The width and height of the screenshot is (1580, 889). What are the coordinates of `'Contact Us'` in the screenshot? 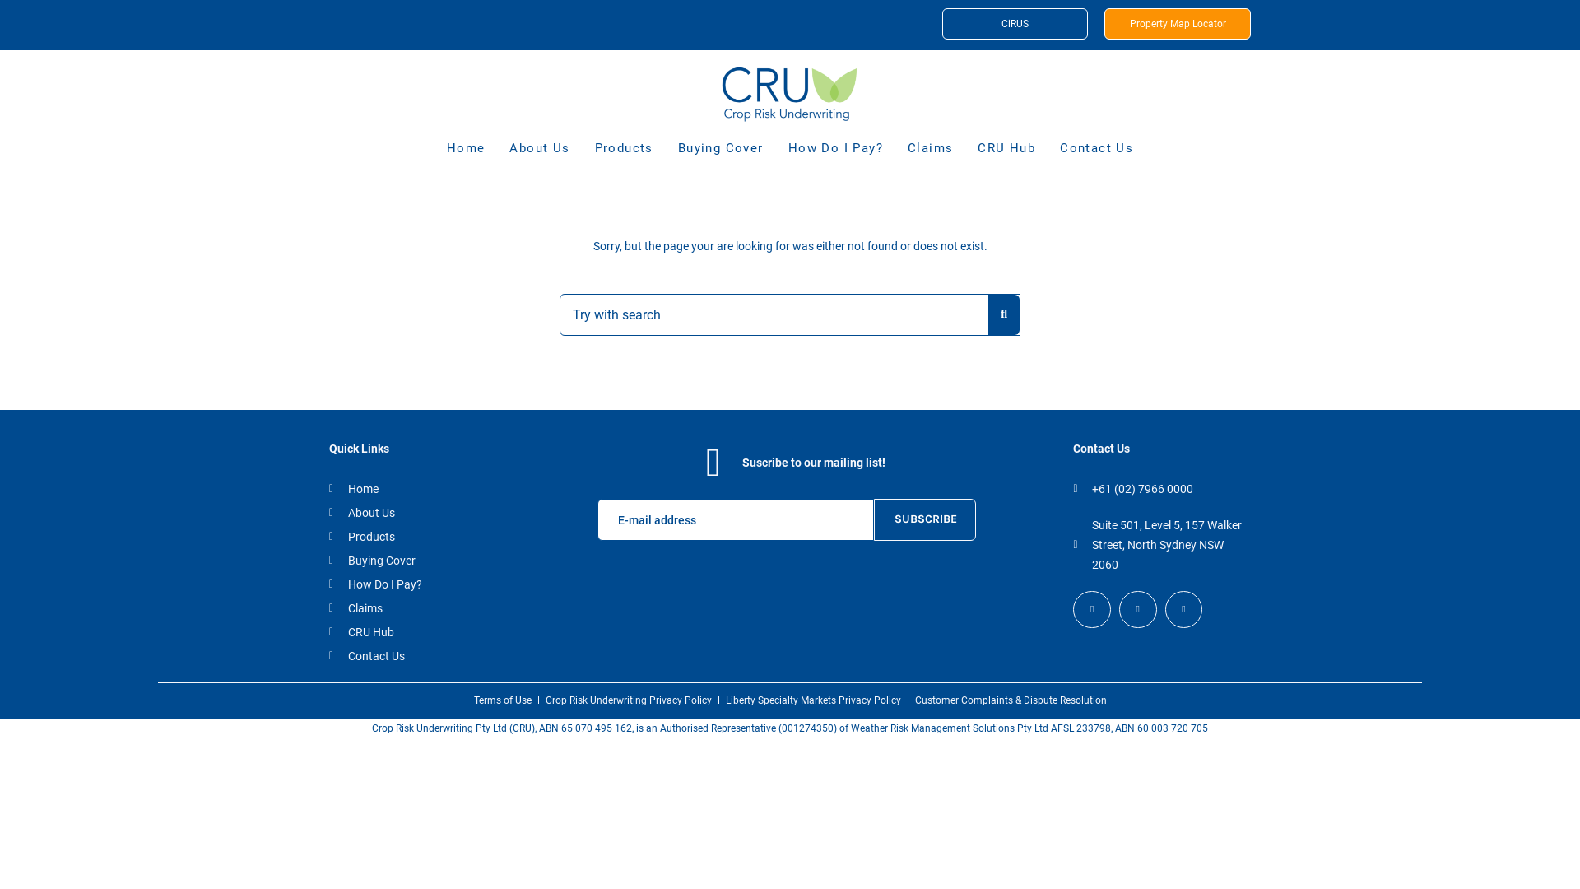 It's located at (1096, 155).